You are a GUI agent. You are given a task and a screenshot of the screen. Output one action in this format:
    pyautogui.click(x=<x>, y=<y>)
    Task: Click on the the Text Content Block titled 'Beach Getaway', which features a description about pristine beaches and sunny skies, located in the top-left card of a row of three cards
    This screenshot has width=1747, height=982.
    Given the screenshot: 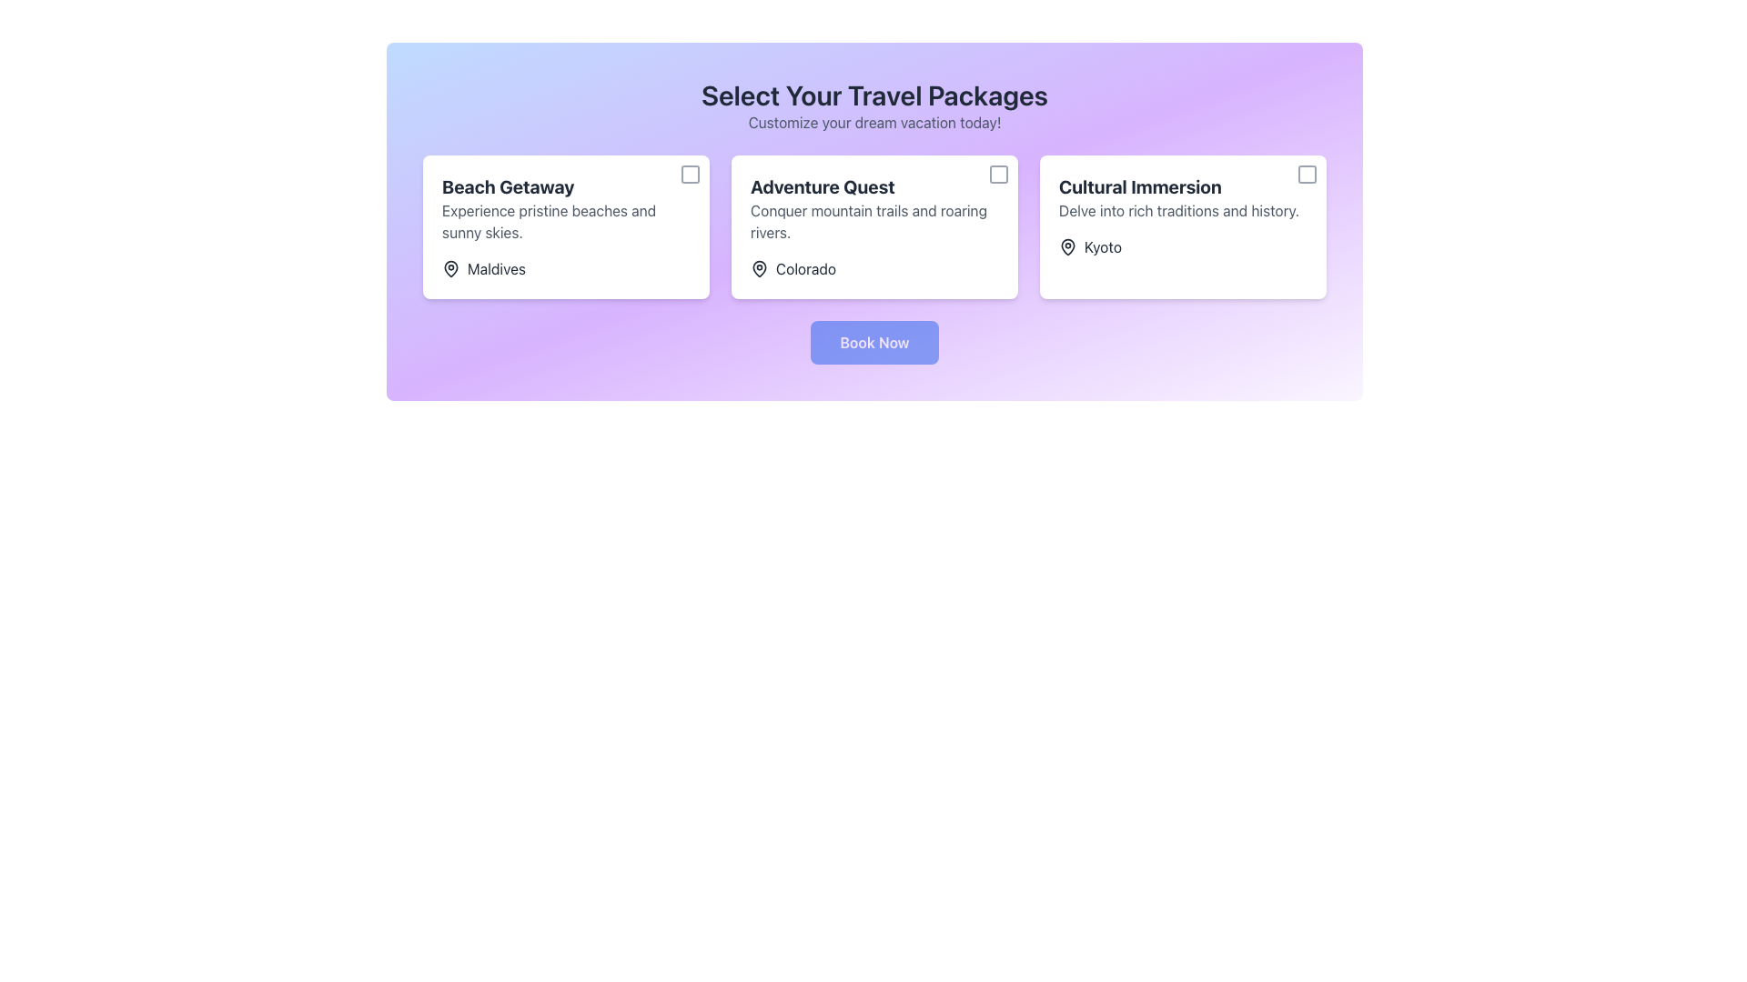 What is the action you would take?
    pyautogui.click(x=565, y=208)
    